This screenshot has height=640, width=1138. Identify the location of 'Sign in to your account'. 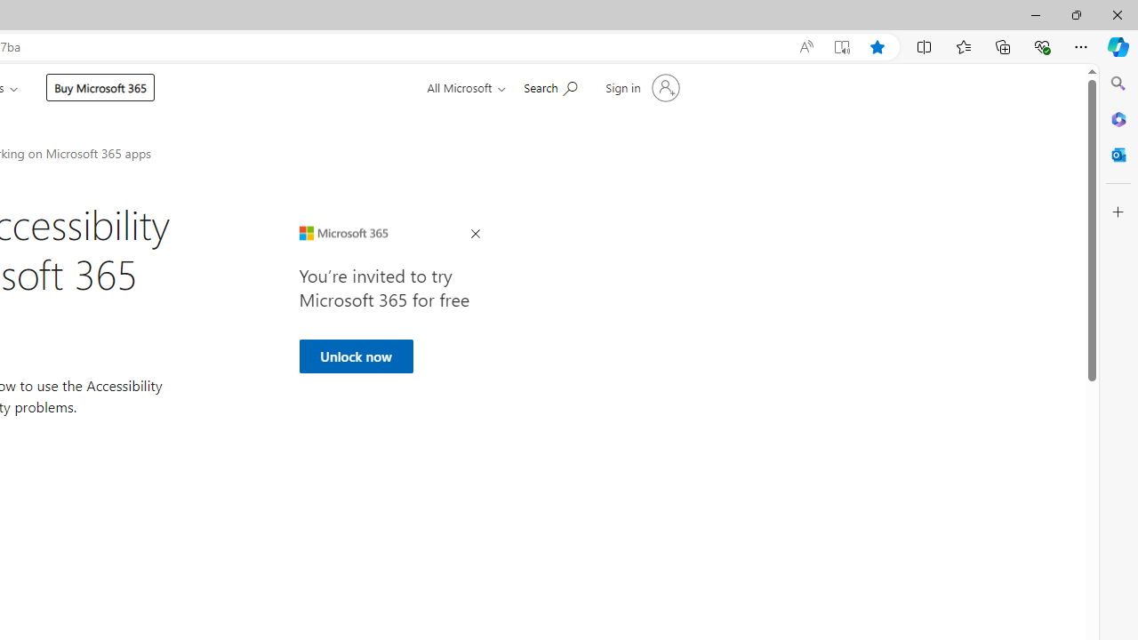
(640, 88).